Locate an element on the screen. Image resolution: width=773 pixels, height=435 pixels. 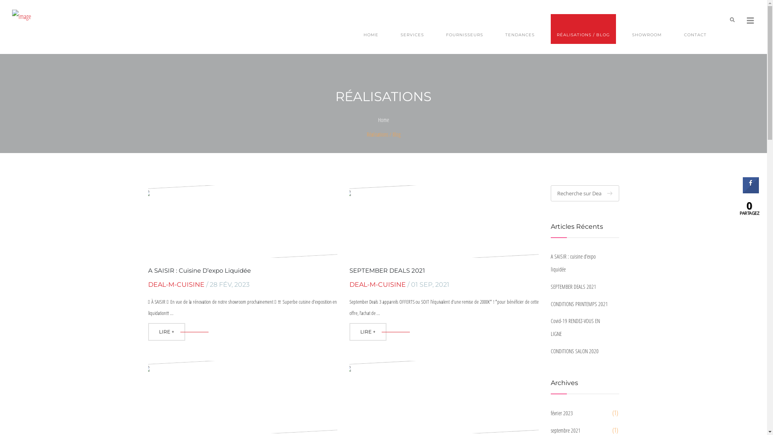
'SEPTEMBER DEALS 2021' is located at coordinates (581, 286).